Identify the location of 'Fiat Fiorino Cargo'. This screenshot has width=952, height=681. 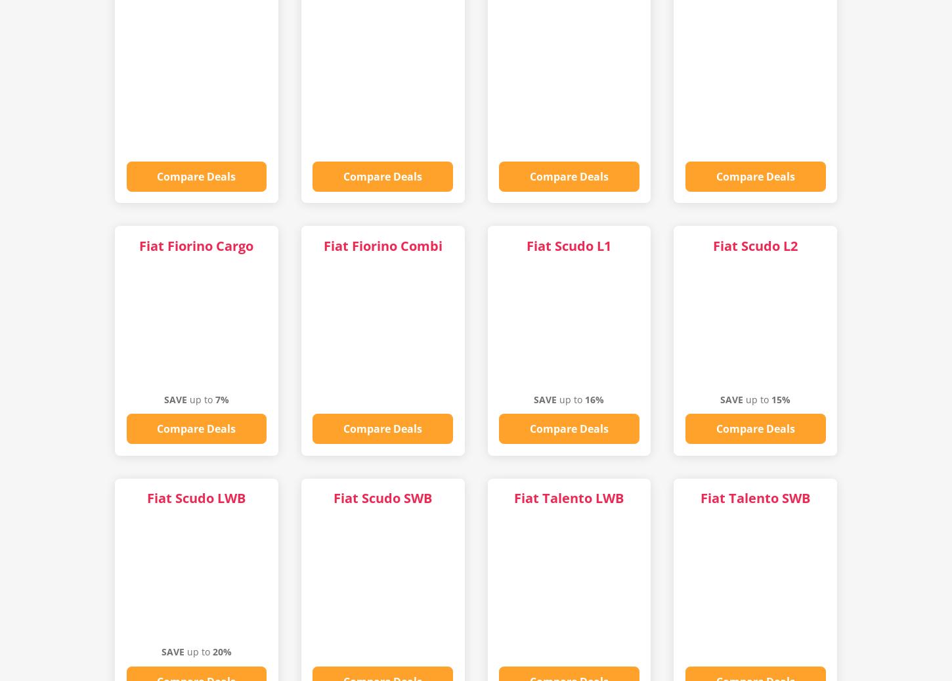
(196, 244).